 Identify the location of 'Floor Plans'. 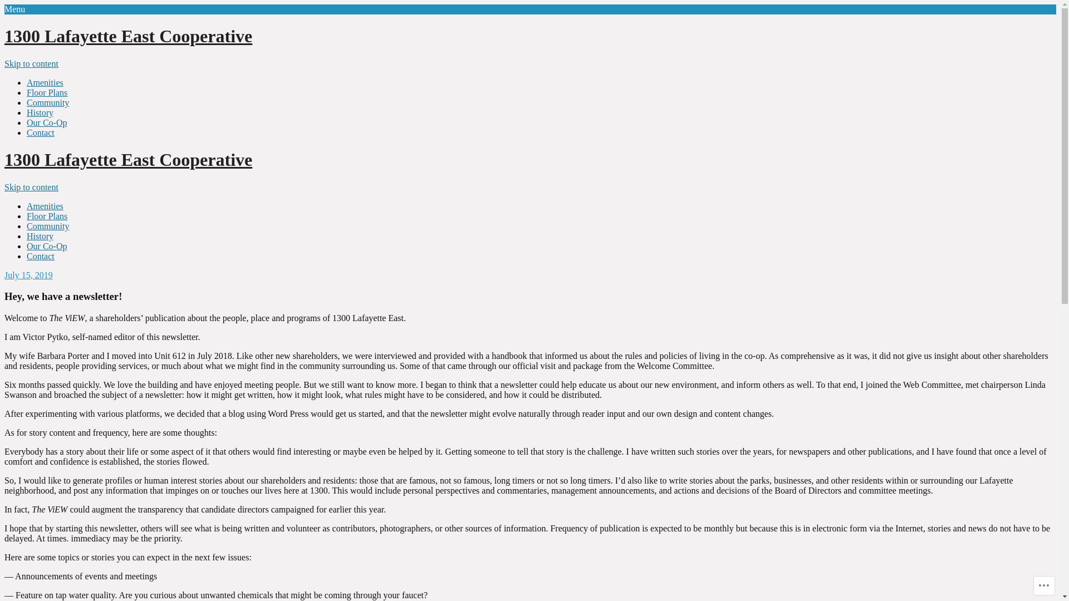
(46, 92).